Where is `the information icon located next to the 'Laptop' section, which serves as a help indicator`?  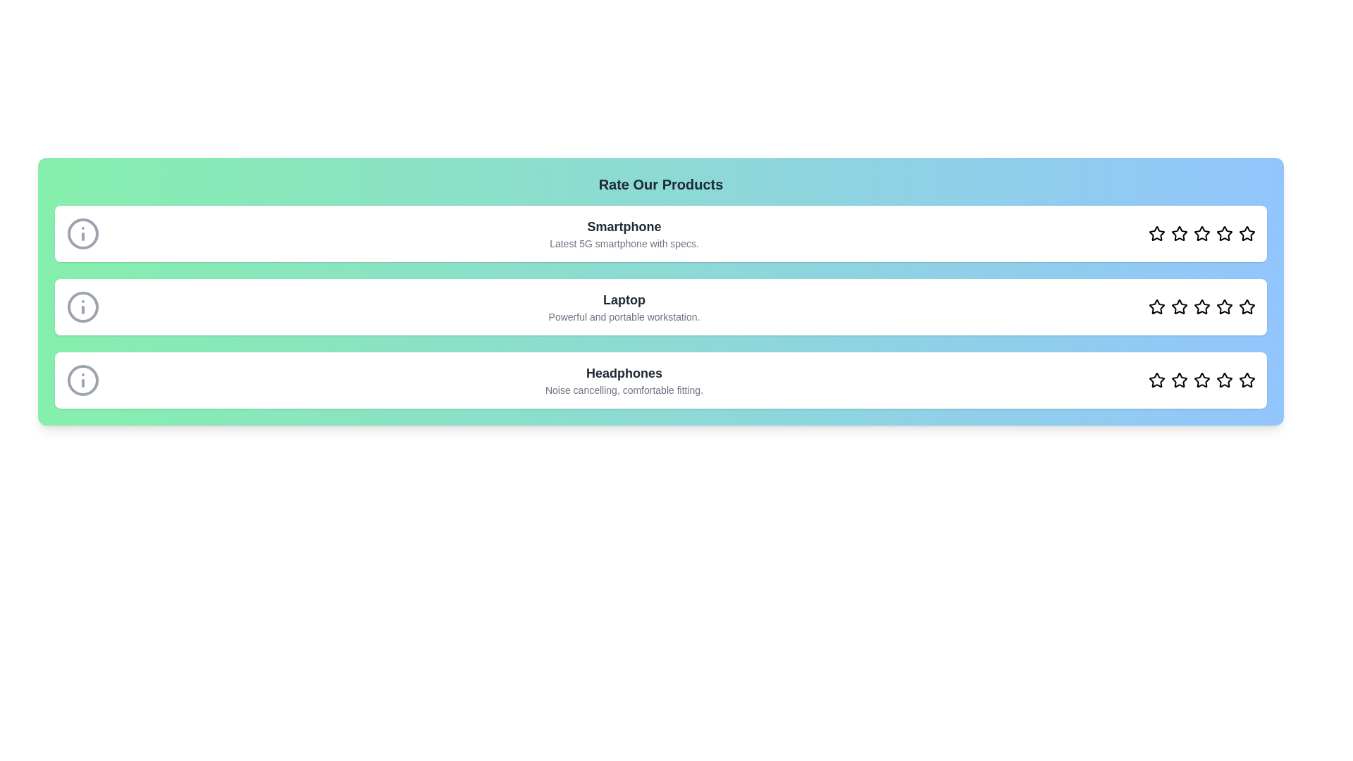 the information icon located next to the 'Laptop' section, which serves as a help indicator is located at coordinates (82, 306).